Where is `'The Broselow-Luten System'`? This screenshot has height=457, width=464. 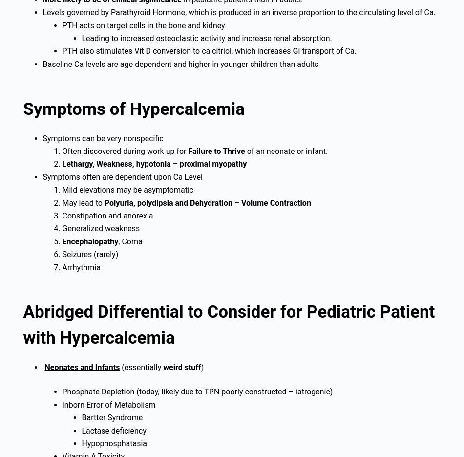 'The Broselow-Luten System' is located at coordinates (71, 97).